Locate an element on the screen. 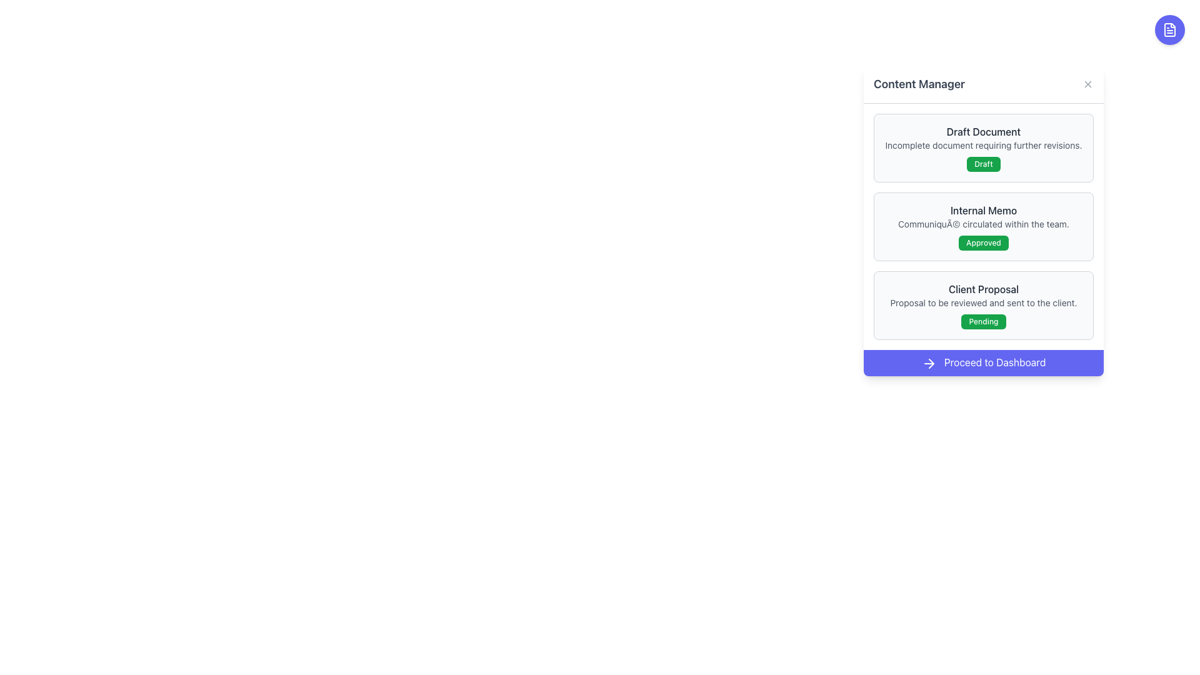 The image size is (1200, 675). the 'Content Manager' text label, which is a bold, medium-sized dark gray label located at the top-left corner of a card interface is located at coordinates (919, 84).